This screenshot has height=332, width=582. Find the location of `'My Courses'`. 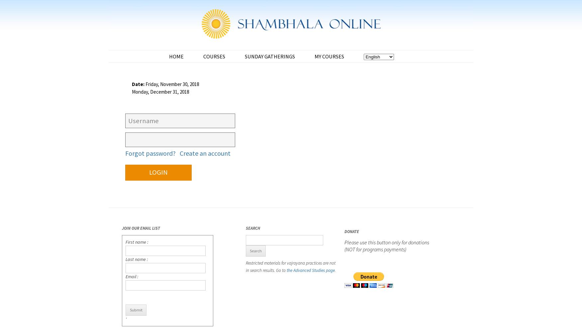

'My Courses' is located at coordinates (329, 56).